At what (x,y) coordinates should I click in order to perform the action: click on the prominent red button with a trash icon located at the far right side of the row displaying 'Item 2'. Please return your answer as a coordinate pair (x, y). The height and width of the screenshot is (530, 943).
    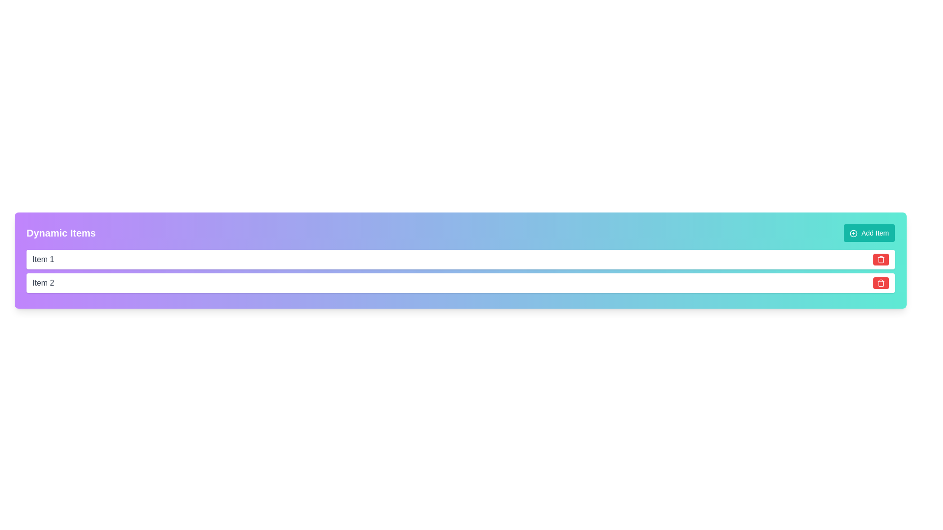
    Looking at the image, I should click on (881, 283).